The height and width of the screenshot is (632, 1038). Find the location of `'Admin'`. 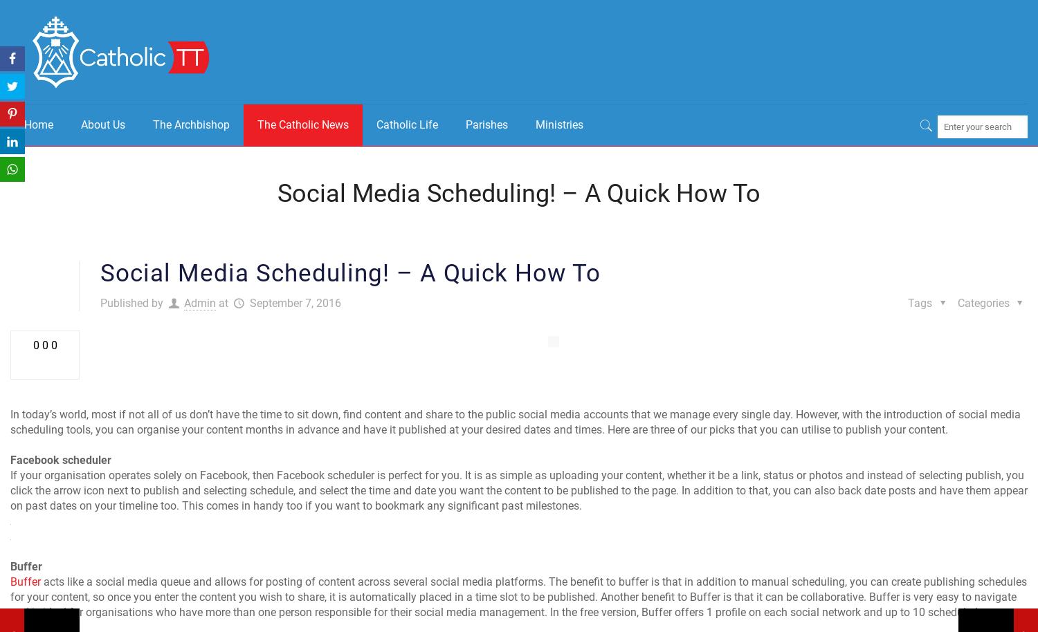

'Admin' is located at coordinates (200, 302).